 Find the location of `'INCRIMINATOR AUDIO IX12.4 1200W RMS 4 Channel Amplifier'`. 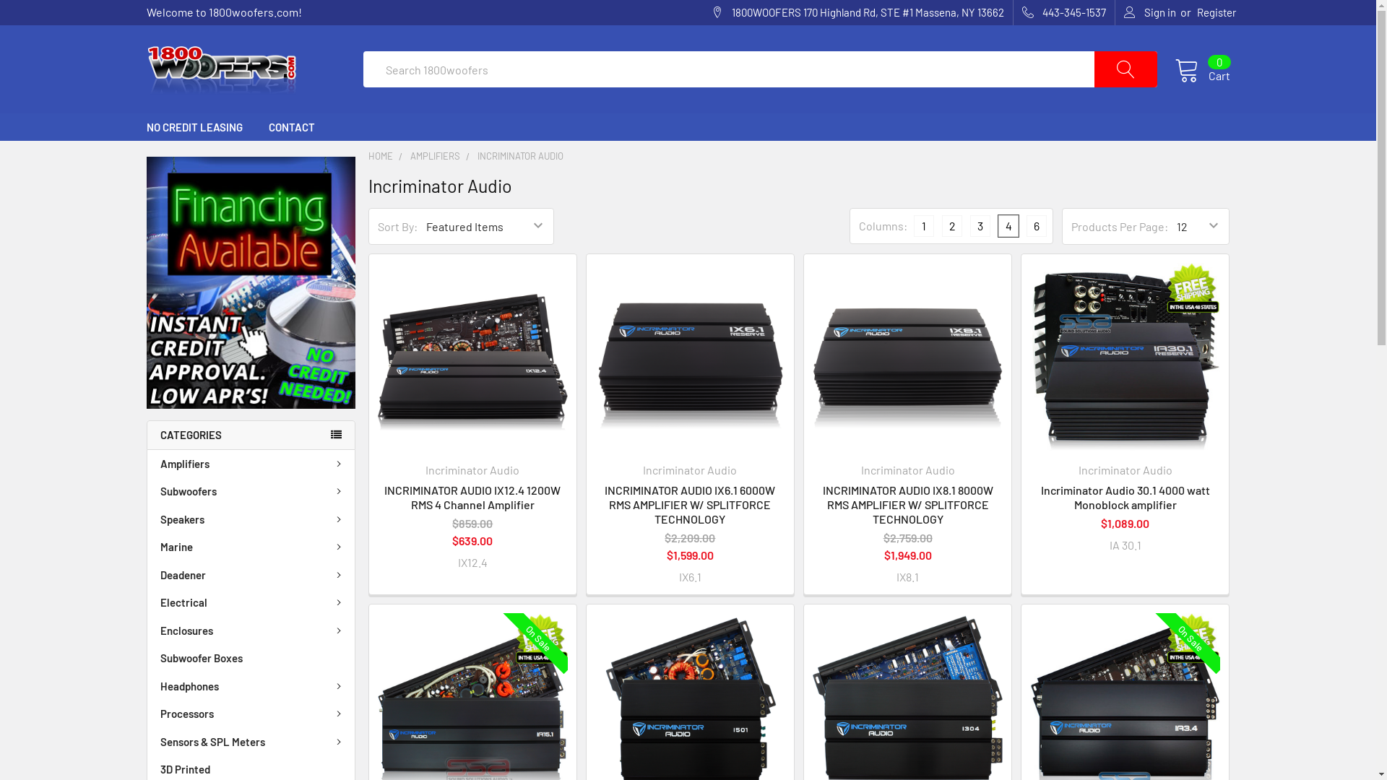

'INCRIMINATOR AUDIO IX12.4 1200W RMS 4 Channel Amplifier' is located at coordinates (472, 496).